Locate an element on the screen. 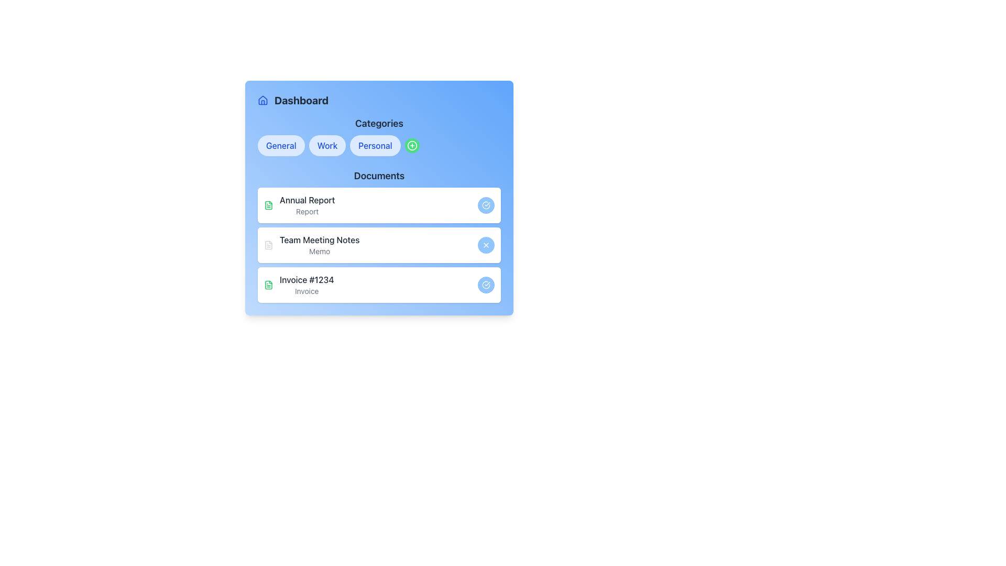 The width and height of the screenshot is (1006, 566). the Text Label that serves as the title of a document item, located under the 'Documents' section, specifically positioned above the text 'Memo' is located at coordinates (319, 240).